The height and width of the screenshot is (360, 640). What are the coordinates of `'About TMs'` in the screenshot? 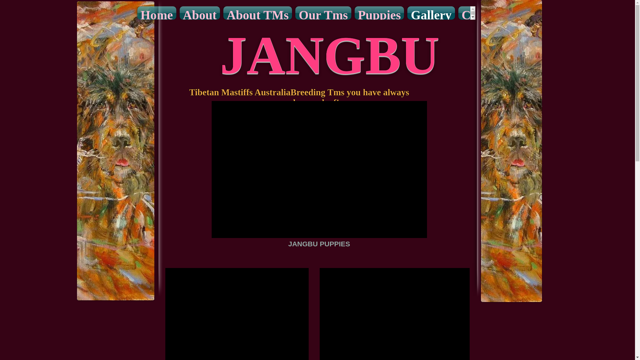 It's located at (222, 13).